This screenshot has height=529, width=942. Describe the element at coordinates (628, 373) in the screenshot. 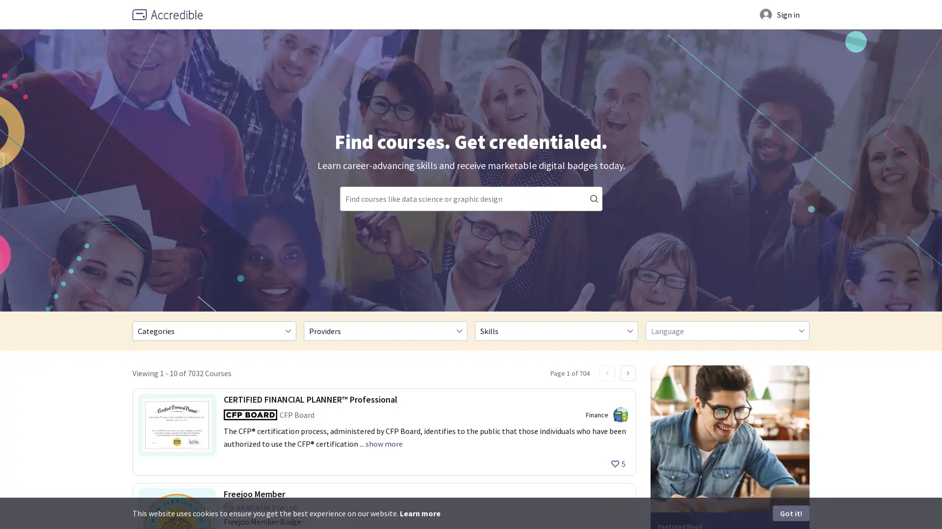

I see `Next` at that location.